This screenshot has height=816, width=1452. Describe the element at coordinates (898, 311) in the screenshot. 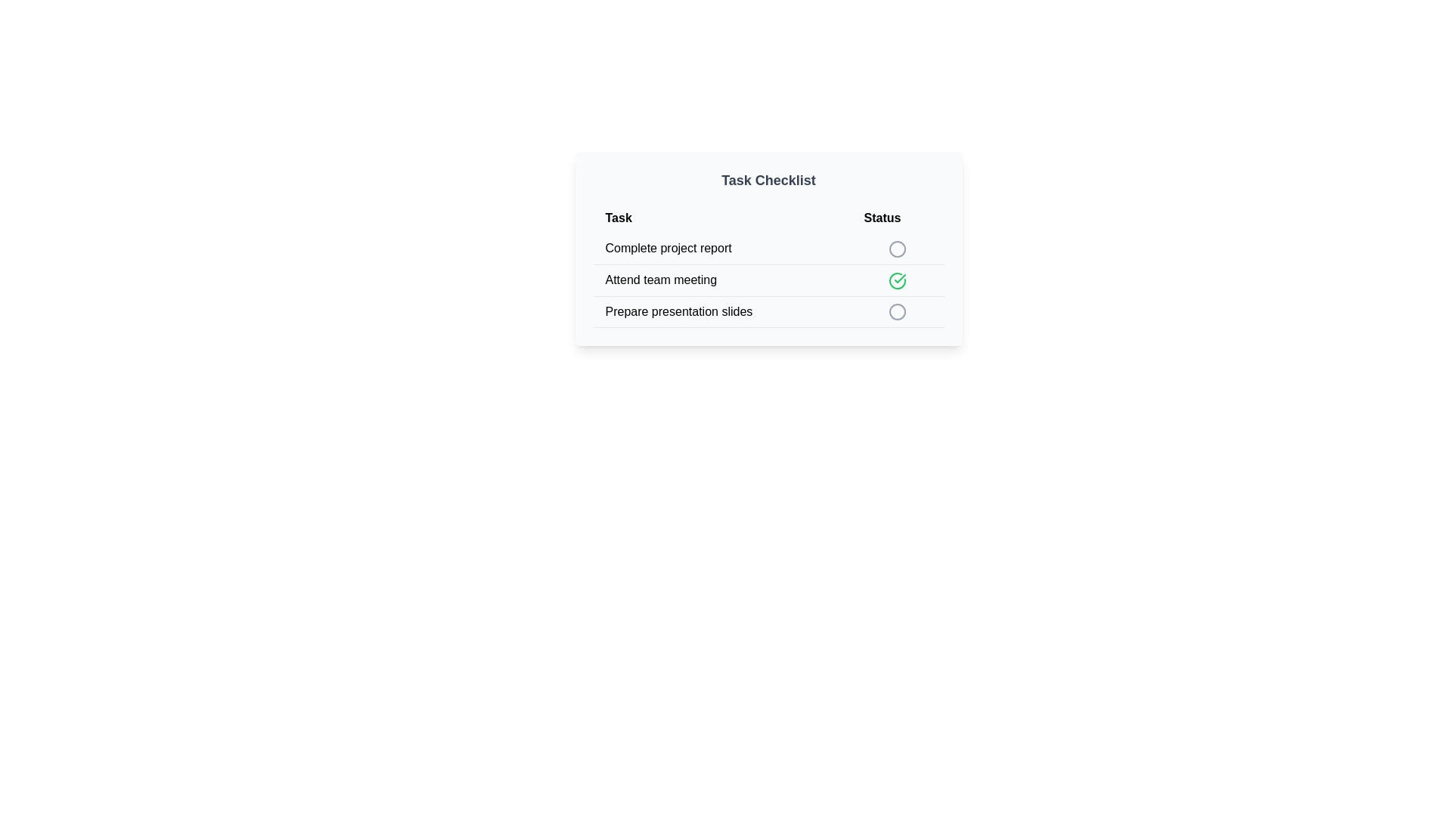

I see `the circular status icon outlined in gray, located in the 'Status' column for the task 'Prepare presentation slides' in the third row of the checklist table` at that location.